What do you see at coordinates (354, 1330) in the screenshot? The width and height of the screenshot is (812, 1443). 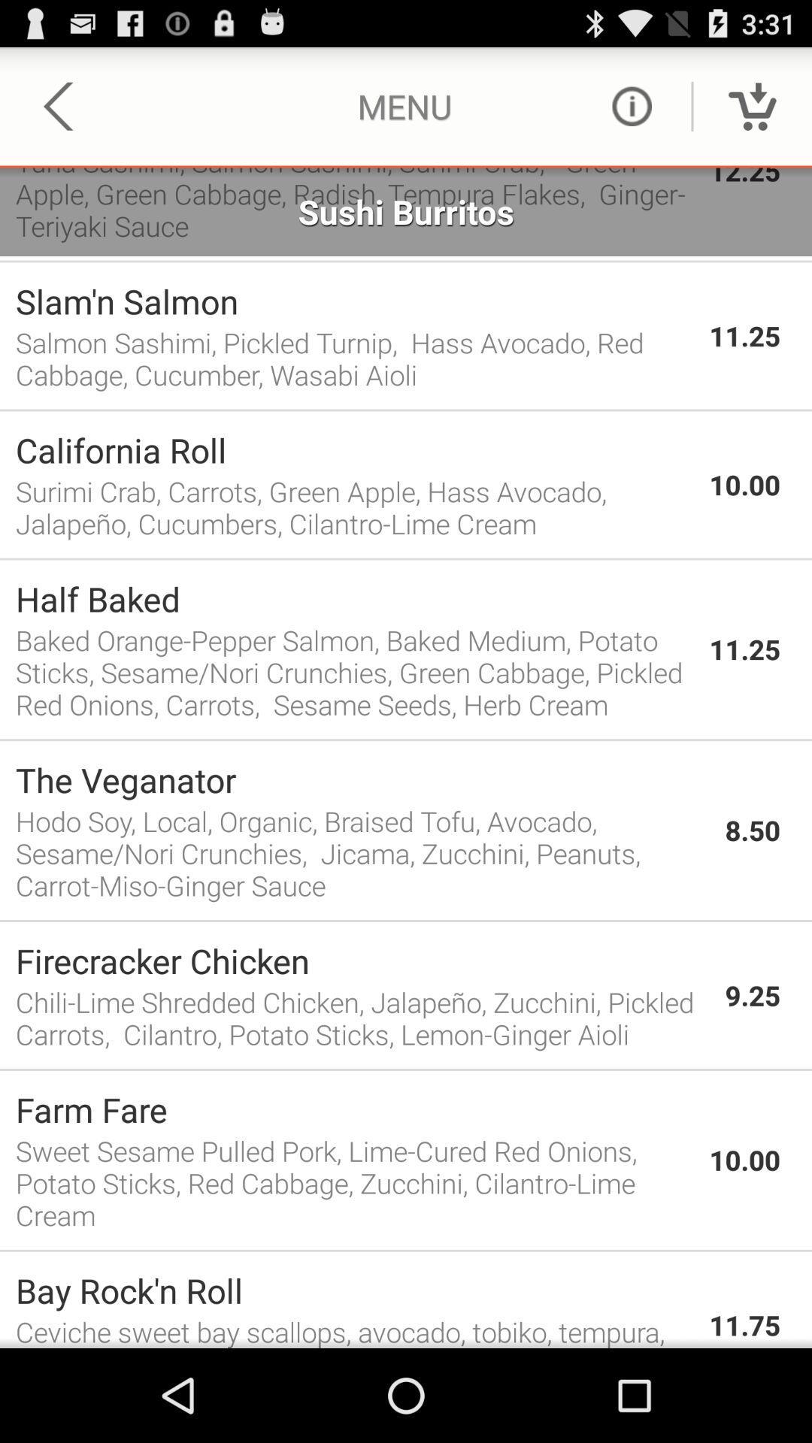 I see `the app to the left of 11.75` at bounding box center [354, 1330].